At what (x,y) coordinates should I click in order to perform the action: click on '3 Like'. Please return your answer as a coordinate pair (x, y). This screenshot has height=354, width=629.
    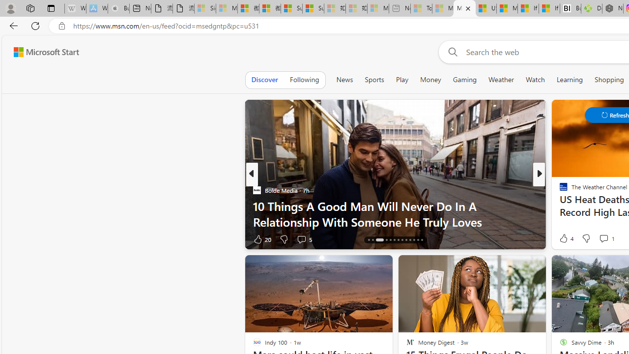
    Looking at the image, I should click on (563, 239).